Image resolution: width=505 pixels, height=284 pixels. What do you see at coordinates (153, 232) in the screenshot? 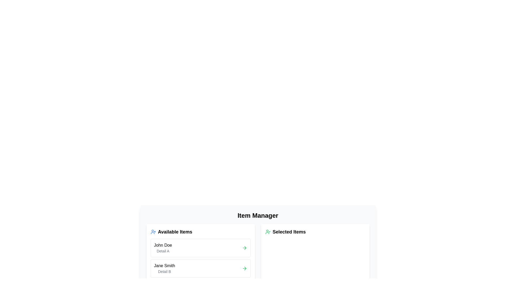
I see `the add user icon located in the header section of the 'Available Items' card, positioned directly to the left of the card's title text 'Available Items'` at bounding box center [153, 232].